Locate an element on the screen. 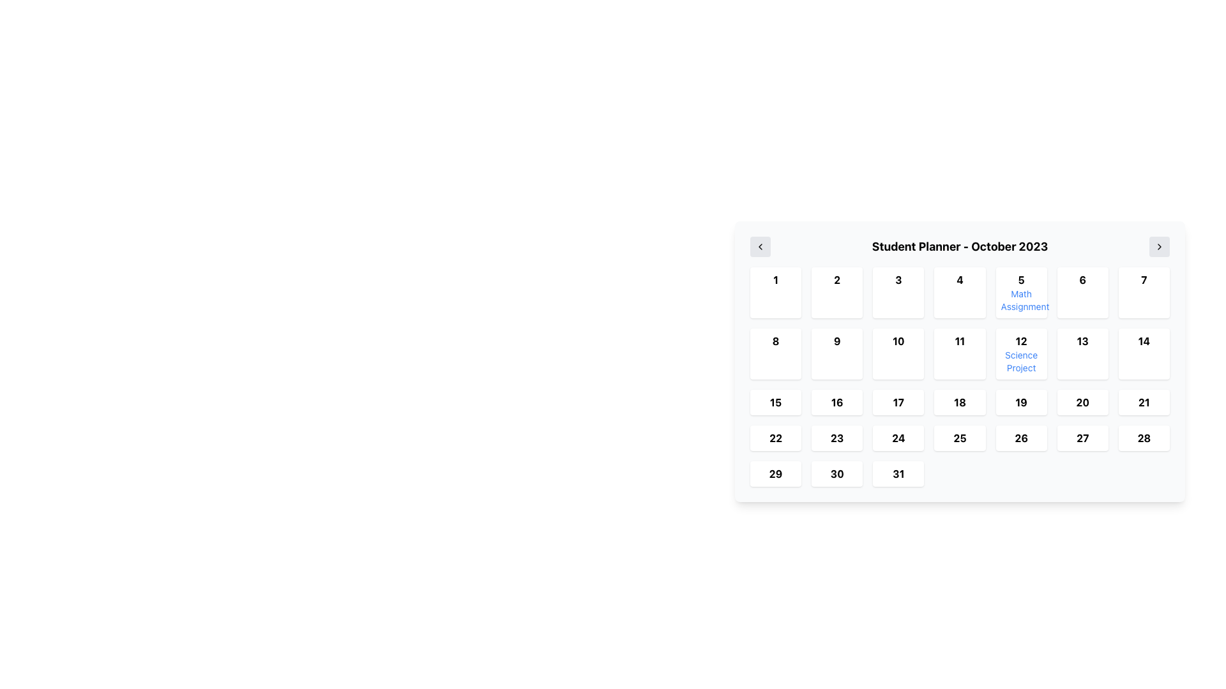 This screenshot has height=689, width=1226. the text element that represents the 12th day of the month in the calendar layout to check its details is located at coordinates (1020, 341).